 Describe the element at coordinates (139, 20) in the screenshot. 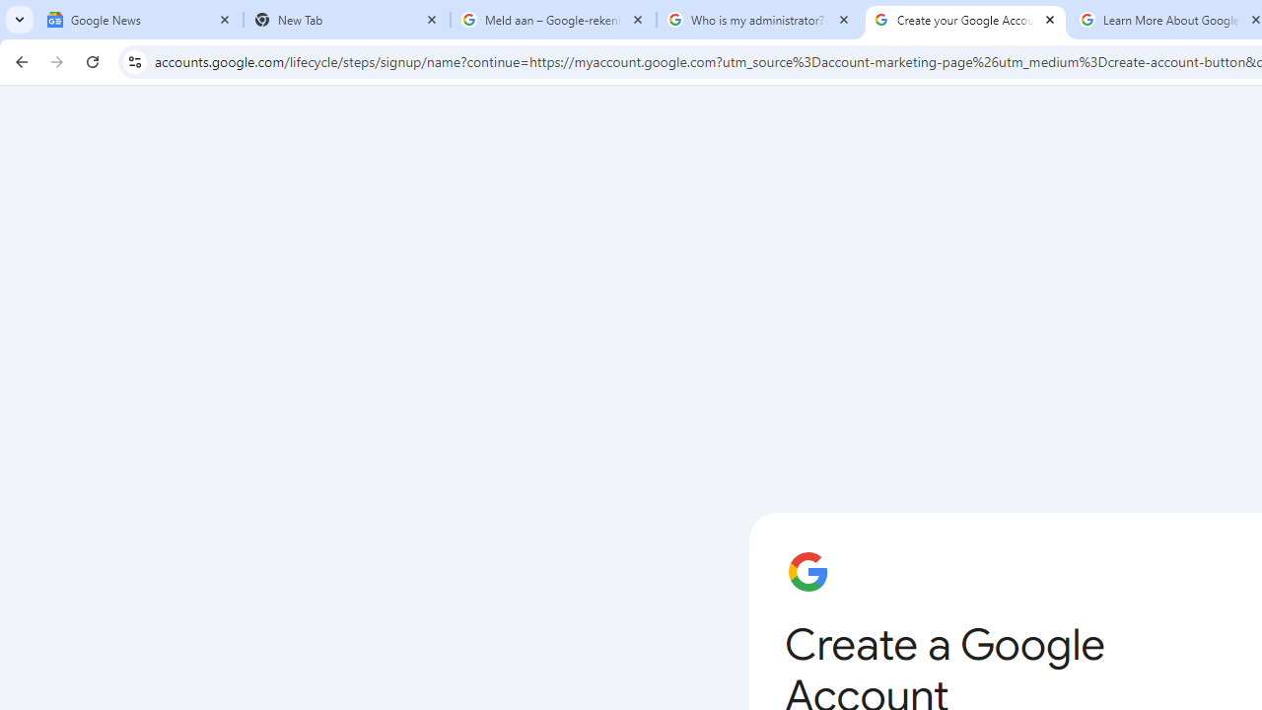

I see `'Google News'` at that location.